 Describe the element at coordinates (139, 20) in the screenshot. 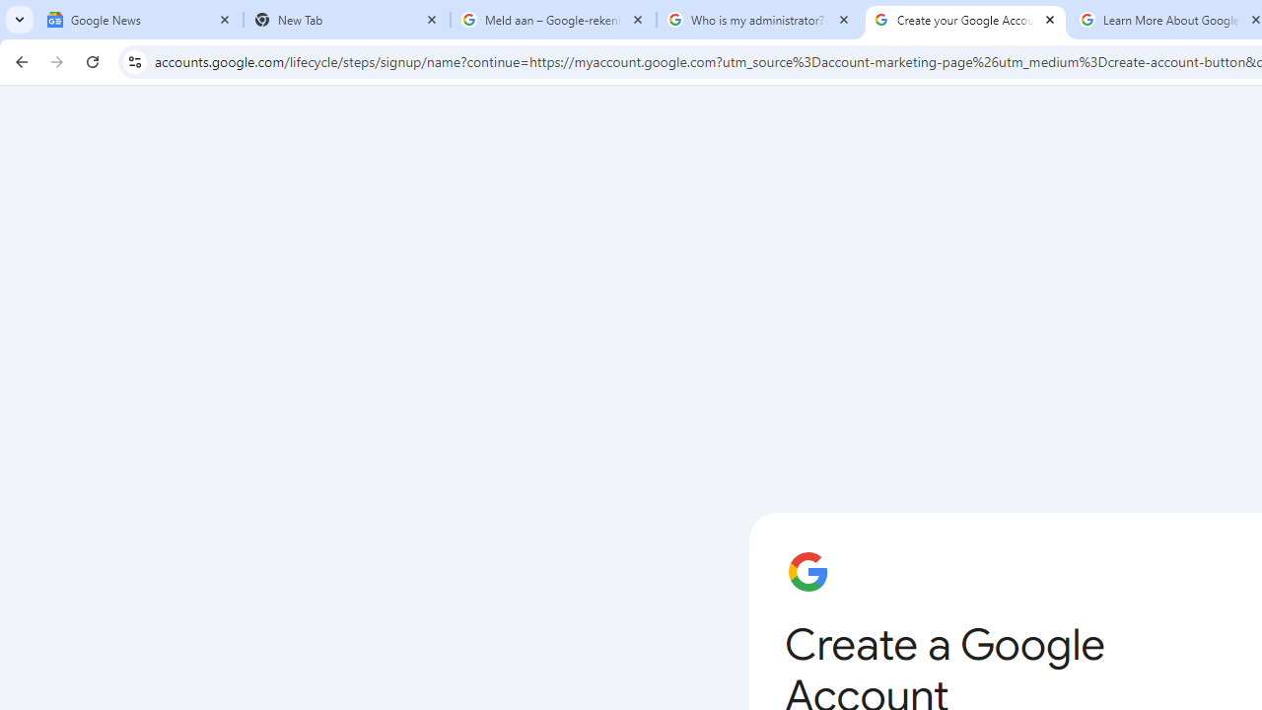

I see `'Google News'` at that location.